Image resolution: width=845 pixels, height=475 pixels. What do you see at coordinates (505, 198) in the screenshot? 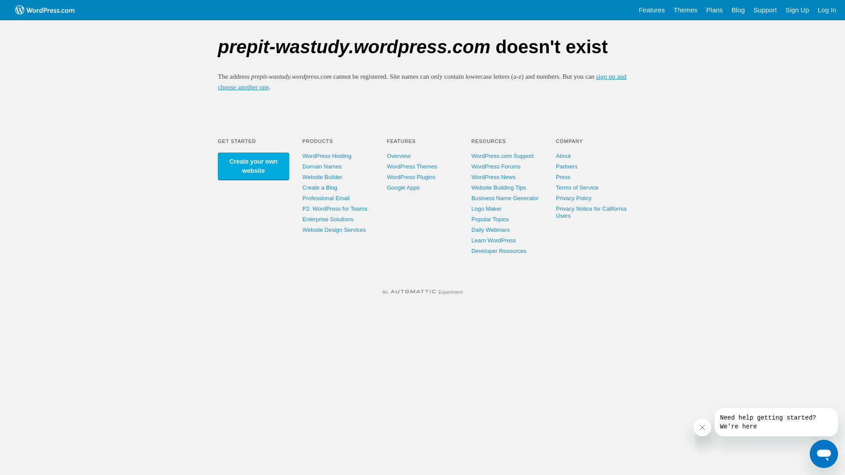
I see `'Business Name Generator'` at bounding box center [505, 198].